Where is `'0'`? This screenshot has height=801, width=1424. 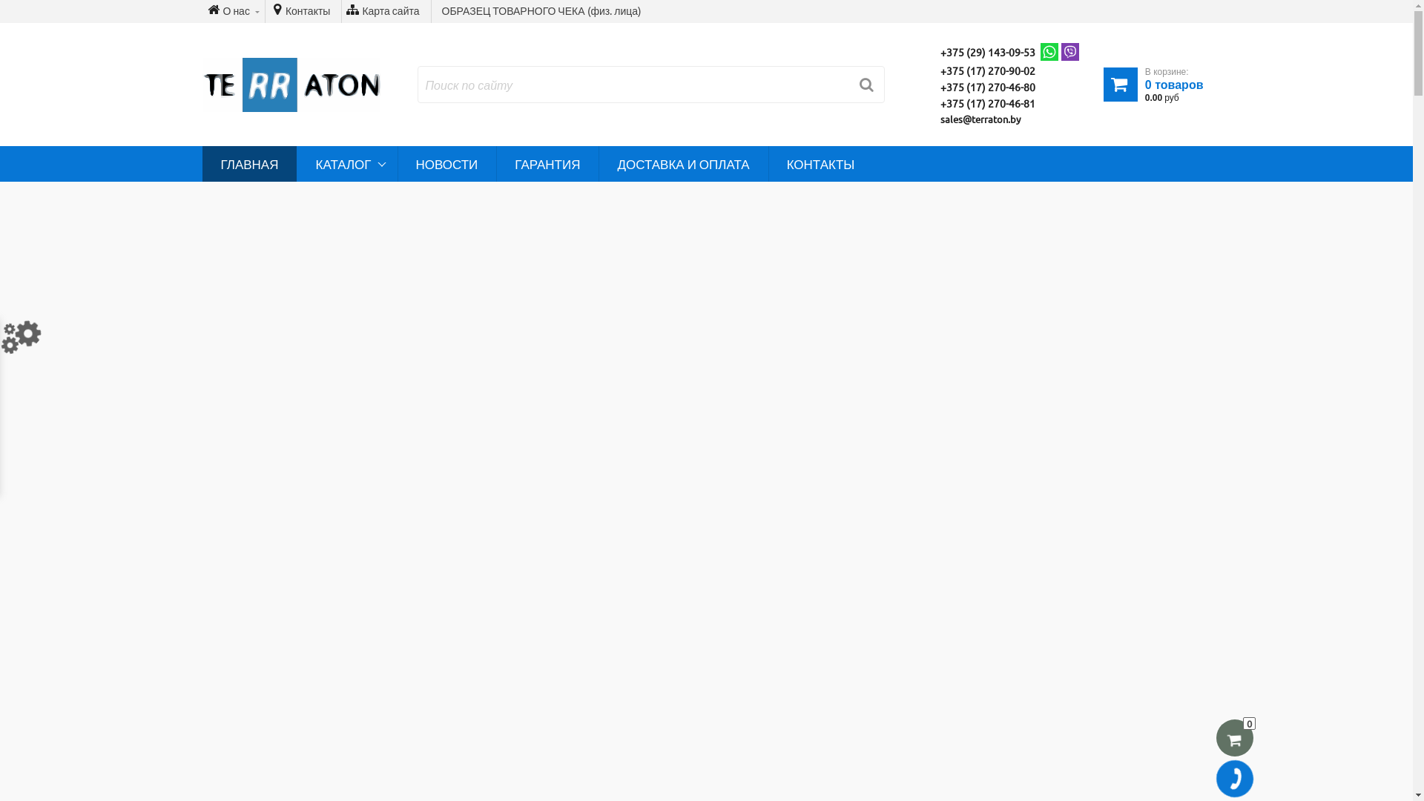
'0' is located at coordinates (1235, 738).